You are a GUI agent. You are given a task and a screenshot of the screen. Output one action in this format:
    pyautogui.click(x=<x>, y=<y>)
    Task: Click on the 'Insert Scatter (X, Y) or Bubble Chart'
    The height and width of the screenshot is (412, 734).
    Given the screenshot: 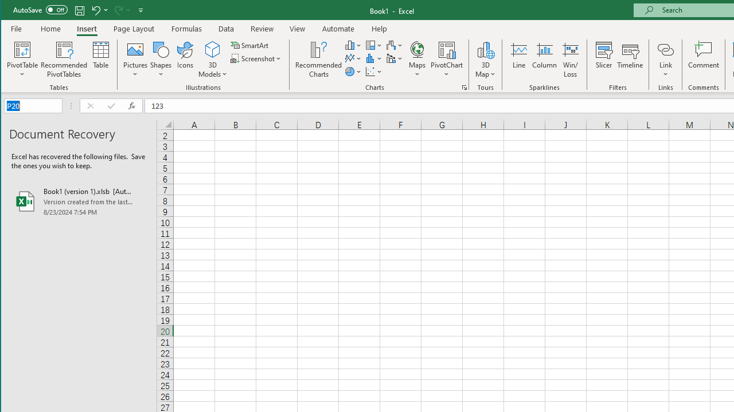 What is the action you would take?
    pyautogui.click(x=374, y=72)
    